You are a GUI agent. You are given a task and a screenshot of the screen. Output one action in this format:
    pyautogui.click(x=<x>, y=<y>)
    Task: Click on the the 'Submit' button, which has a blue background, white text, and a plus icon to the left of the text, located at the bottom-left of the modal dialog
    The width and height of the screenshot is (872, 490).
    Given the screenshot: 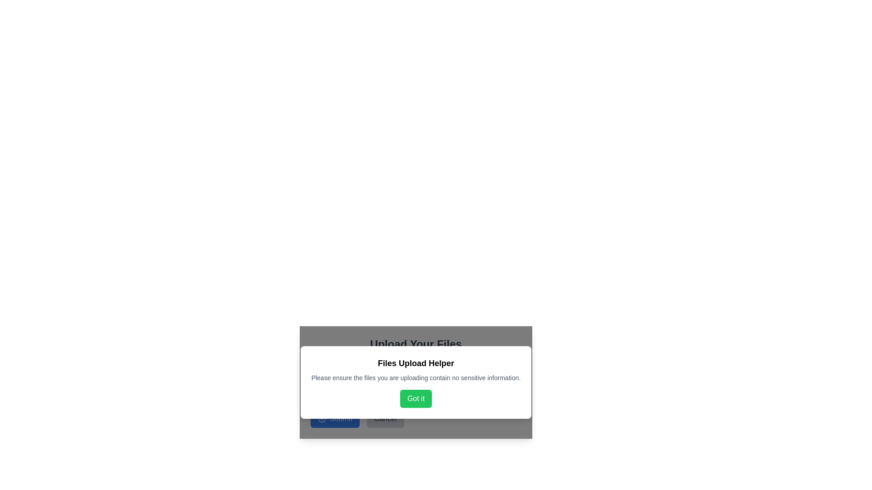 What is the action you would take?
    pyautogui.click(x=334, y=418)
    